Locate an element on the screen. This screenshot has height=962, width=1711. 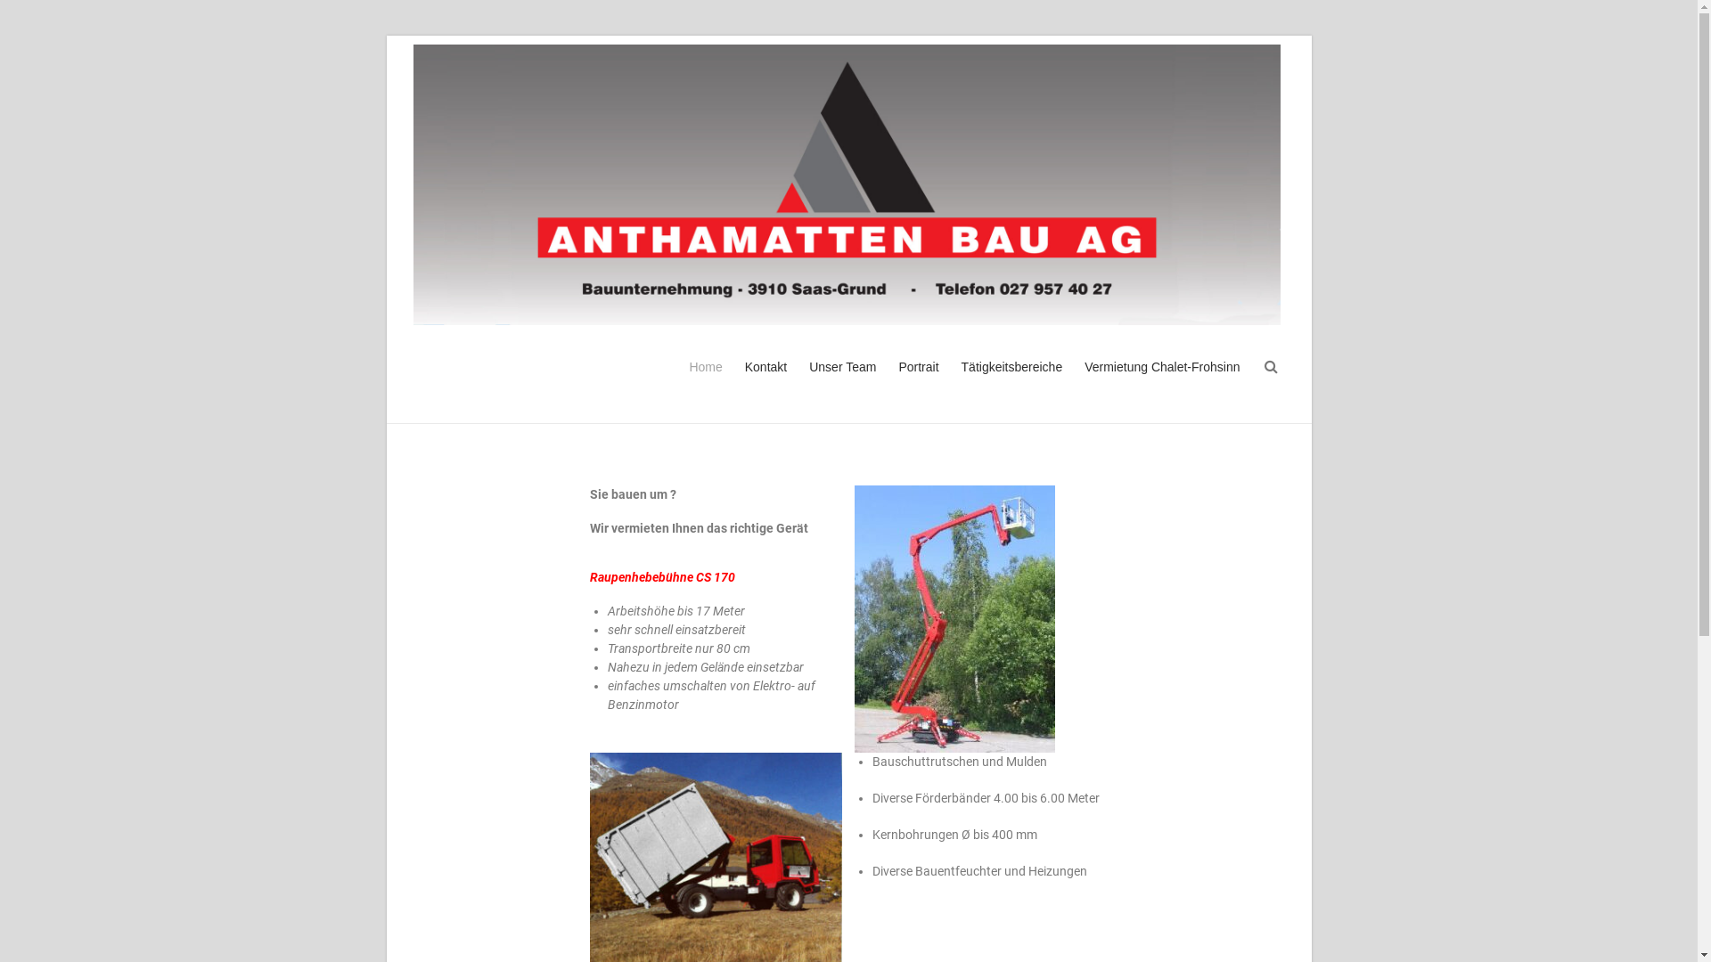
'Portrait' is located at coordinates (918, 381).